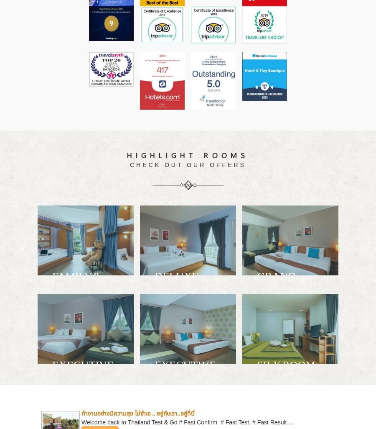 The image size is (376, 429). What do you see at coordinates (137, 412) in the screenshot?
I see `'ทำงานอย่างมีความสุข ไม่จำเจ .. อยู่กับเรา..อยู่ที่นี่'` at bounding box center [137, 412].